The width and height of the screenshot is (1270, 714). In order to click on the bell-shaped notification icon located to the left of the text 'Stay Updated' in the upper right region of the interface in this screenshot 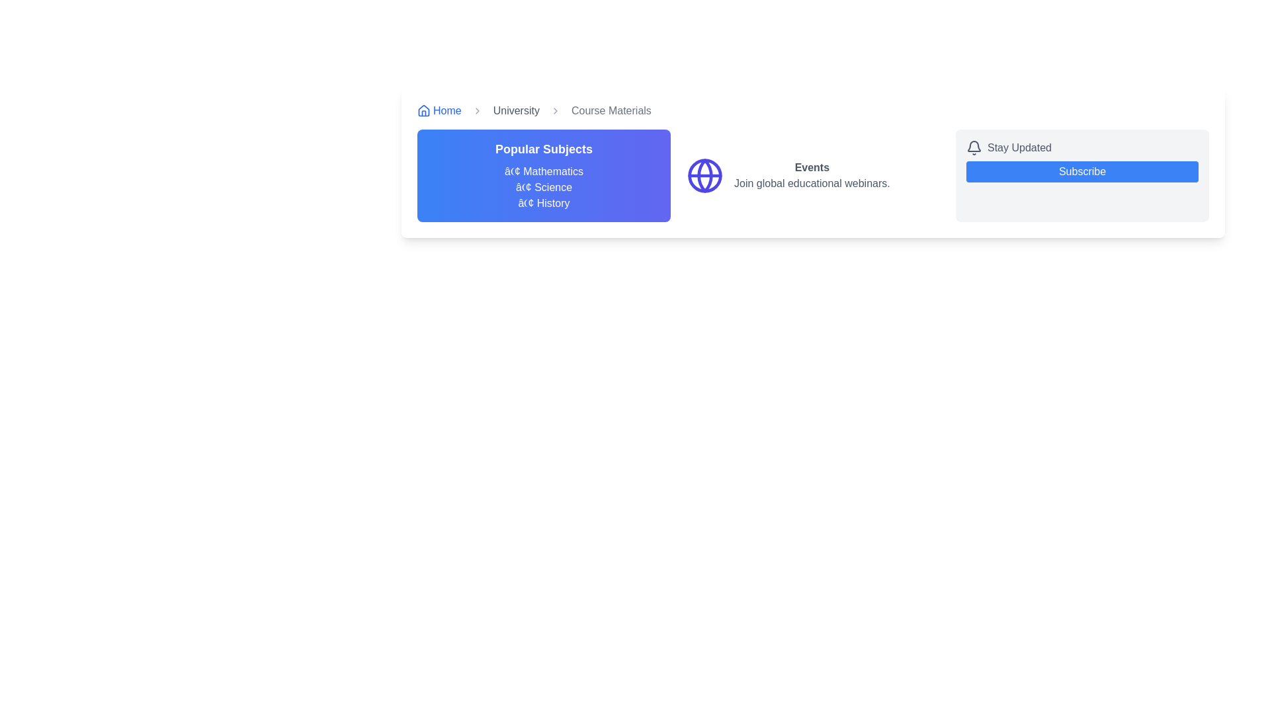, I will do `click(974, 147)`.